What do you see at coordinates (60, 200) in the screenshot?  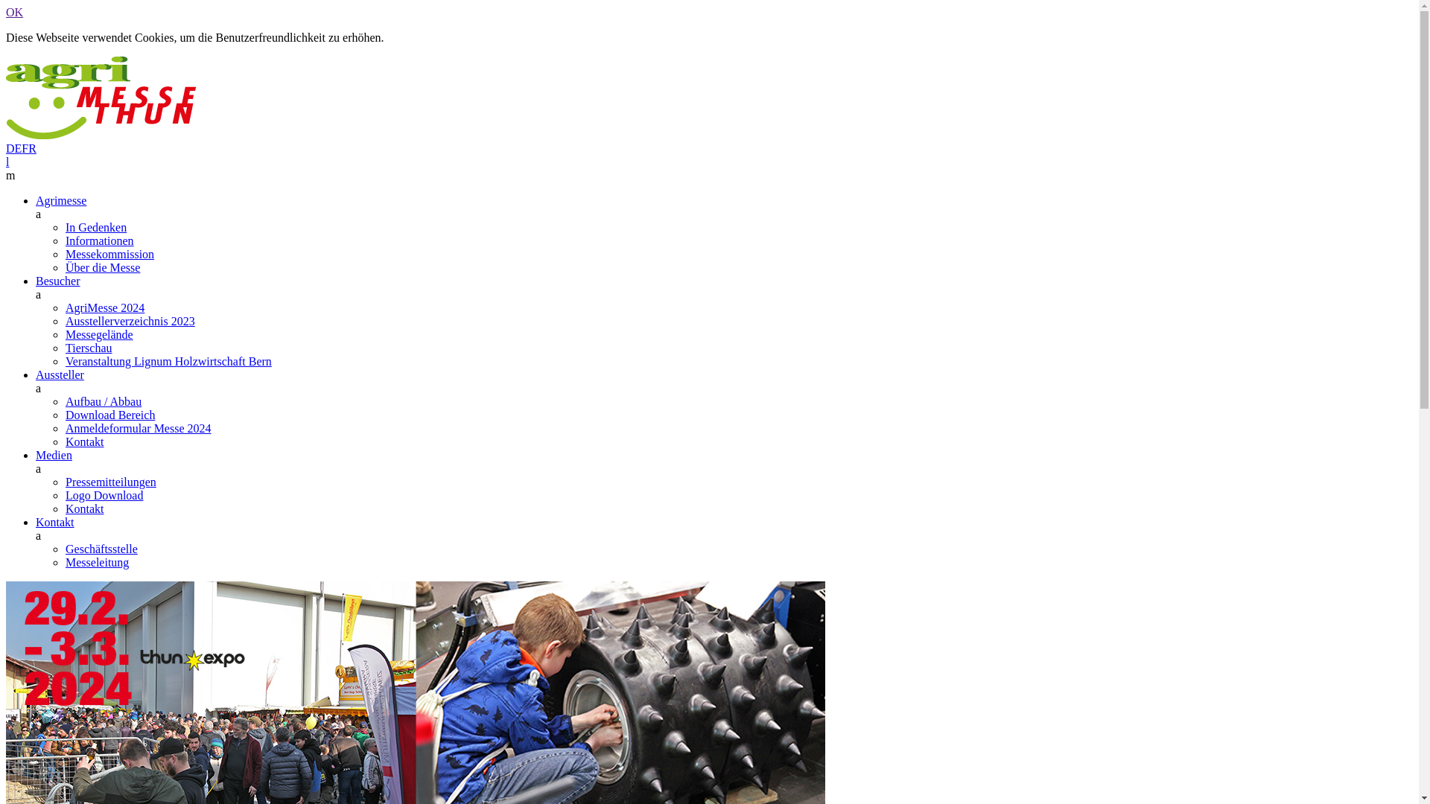 I see `'Agrimesse'` at bounding box center [60, 200].